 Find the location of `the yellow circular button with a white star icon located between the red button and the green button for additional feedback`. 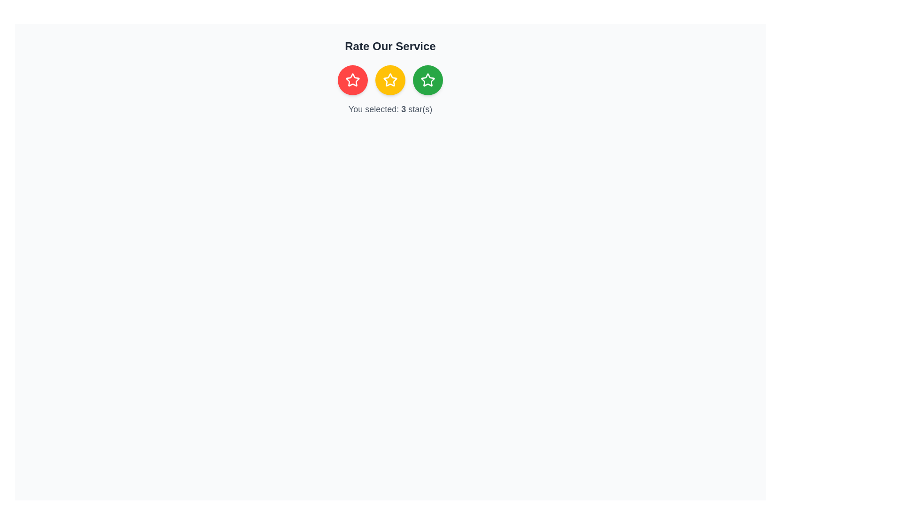

the yellow circular button with a white star icon located between the red button and the green button for additional feedback is located at coordinates (390, 79).